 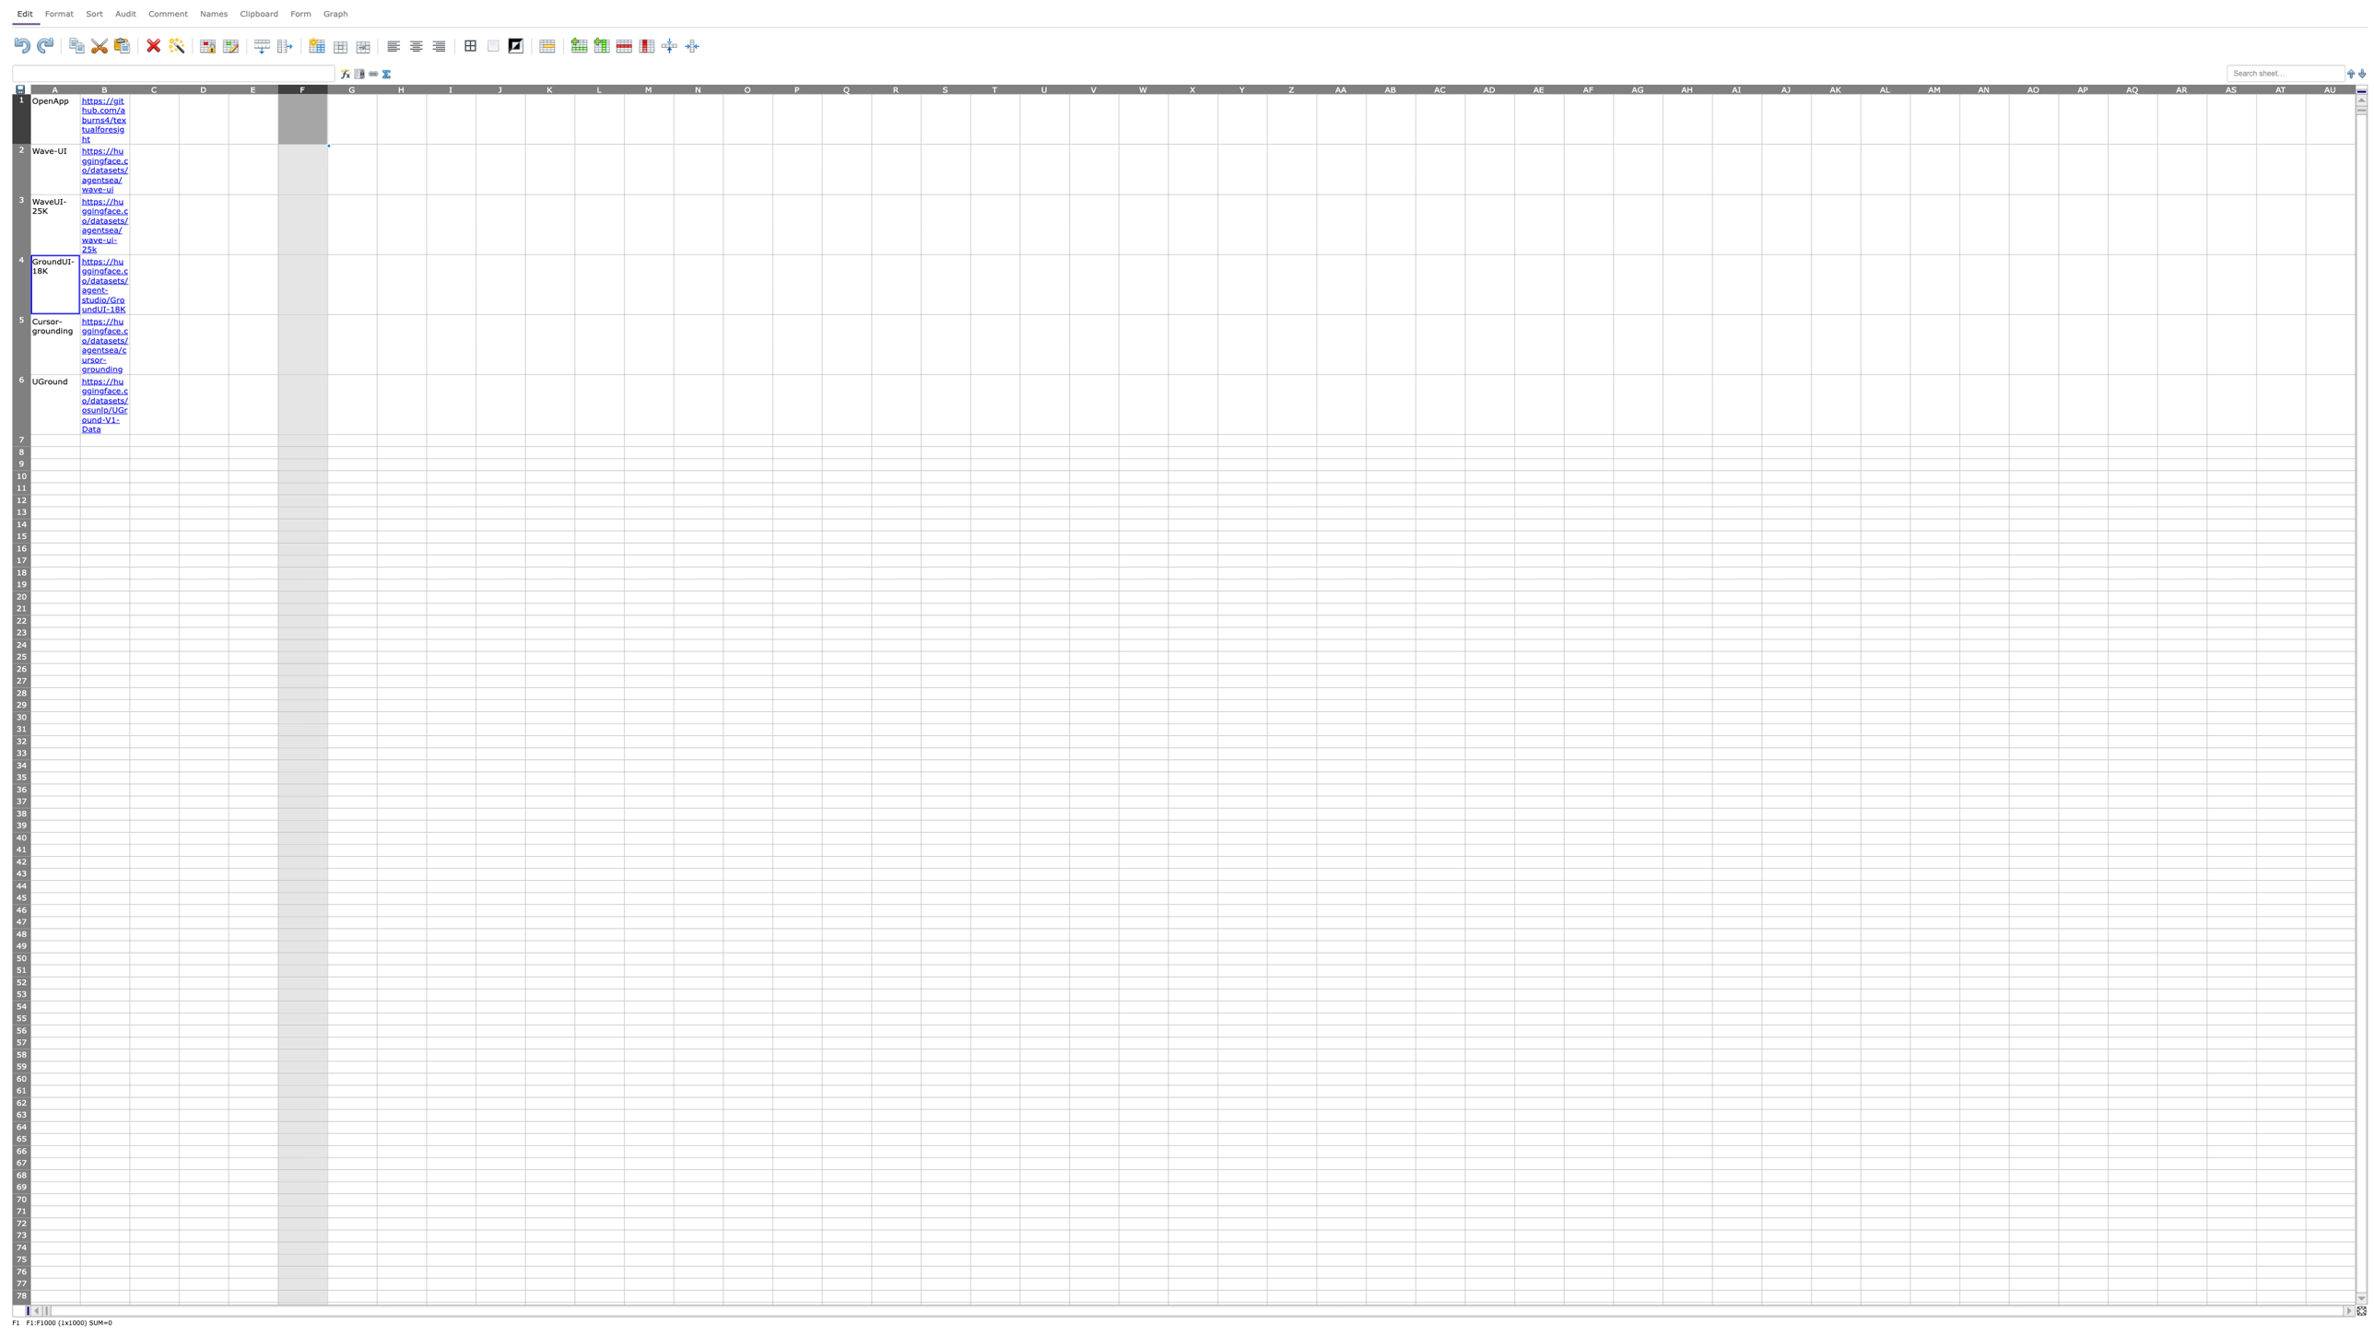 I want to click on entire column M, so click(x=647, y=88).